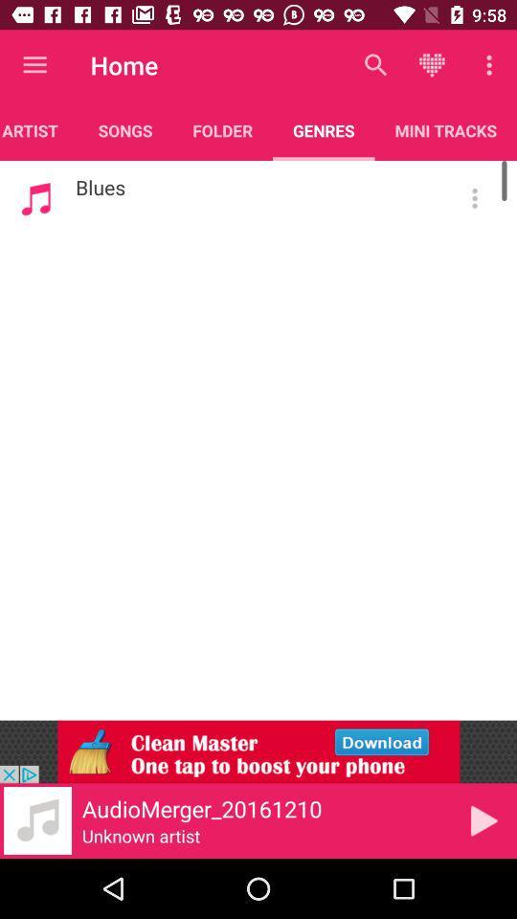 The image size is (517, 919). Describe the element at coordinates (474, 198) in the screenshot. I see `the blues option` at that location.